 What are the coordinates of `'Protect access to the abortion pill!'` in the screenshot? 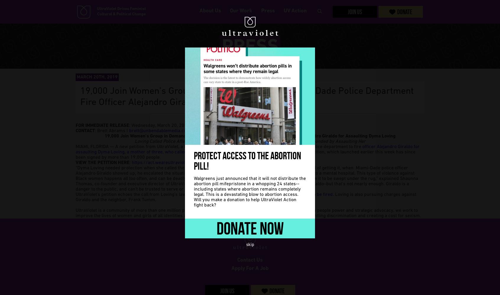 It's located at (247, 161).